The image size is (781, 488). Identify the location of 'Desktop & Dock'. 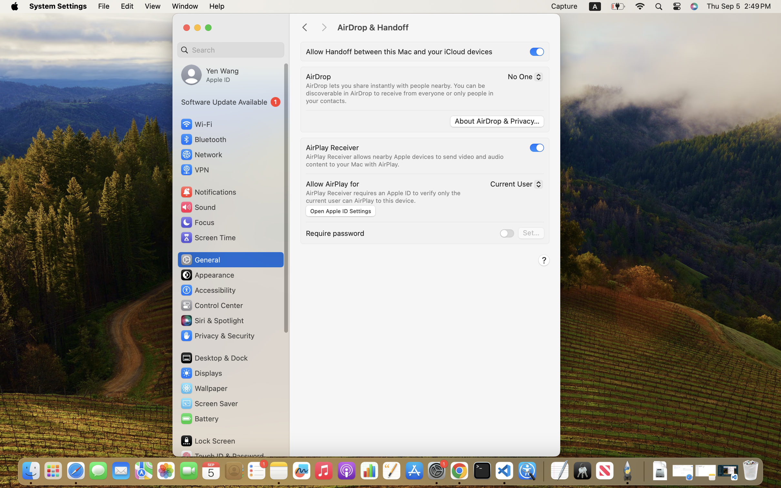
(214, 358).